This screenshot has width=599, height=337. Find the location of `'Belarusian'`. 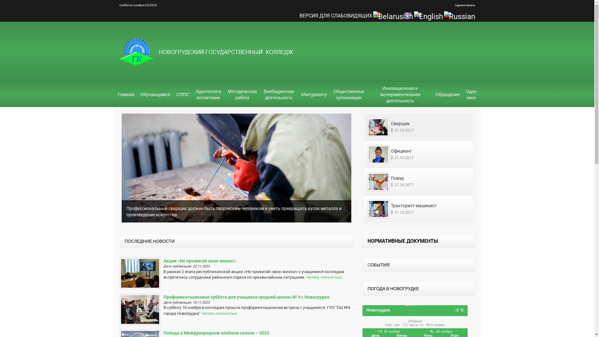

'Belarusian' is located at coordinates (392, 15).